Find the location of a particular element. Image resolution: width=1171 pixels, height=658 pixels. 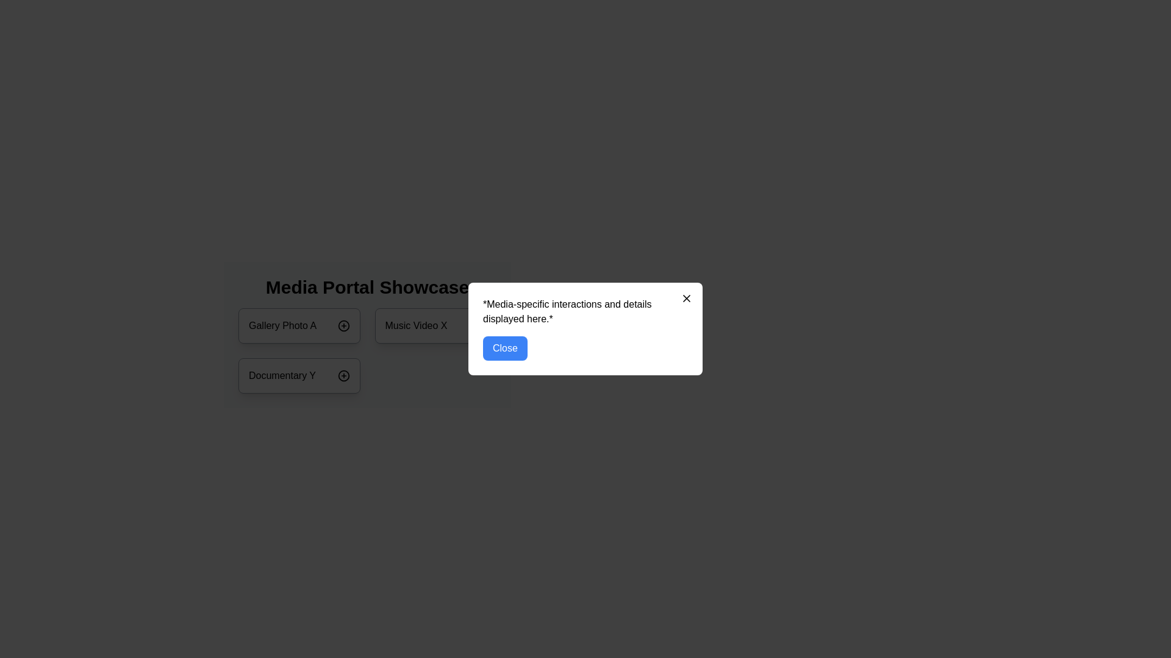

the interactive button icon located at the right-hand side of the 'Documentary Y' component to initiate the add action is located at coordinates (343, 375).